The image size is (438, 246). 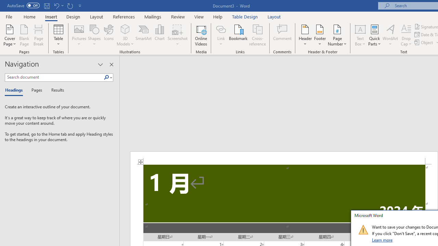 I want to click on 'Link', so click(x=221, y=35).